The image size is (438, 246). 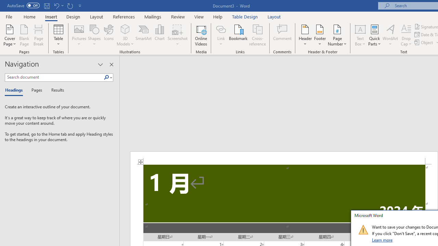 I want to click on 'Link', so click(x=221, y=35).